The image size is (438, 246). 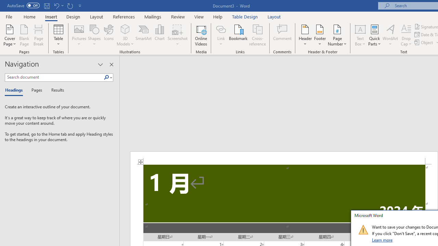 I want to click on 'Link', so click(x=221, y=35).